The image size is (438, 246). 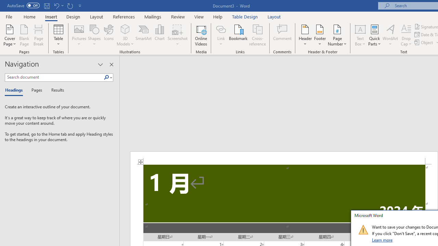 I want to click on 'Link', so click(x=221, y=35).